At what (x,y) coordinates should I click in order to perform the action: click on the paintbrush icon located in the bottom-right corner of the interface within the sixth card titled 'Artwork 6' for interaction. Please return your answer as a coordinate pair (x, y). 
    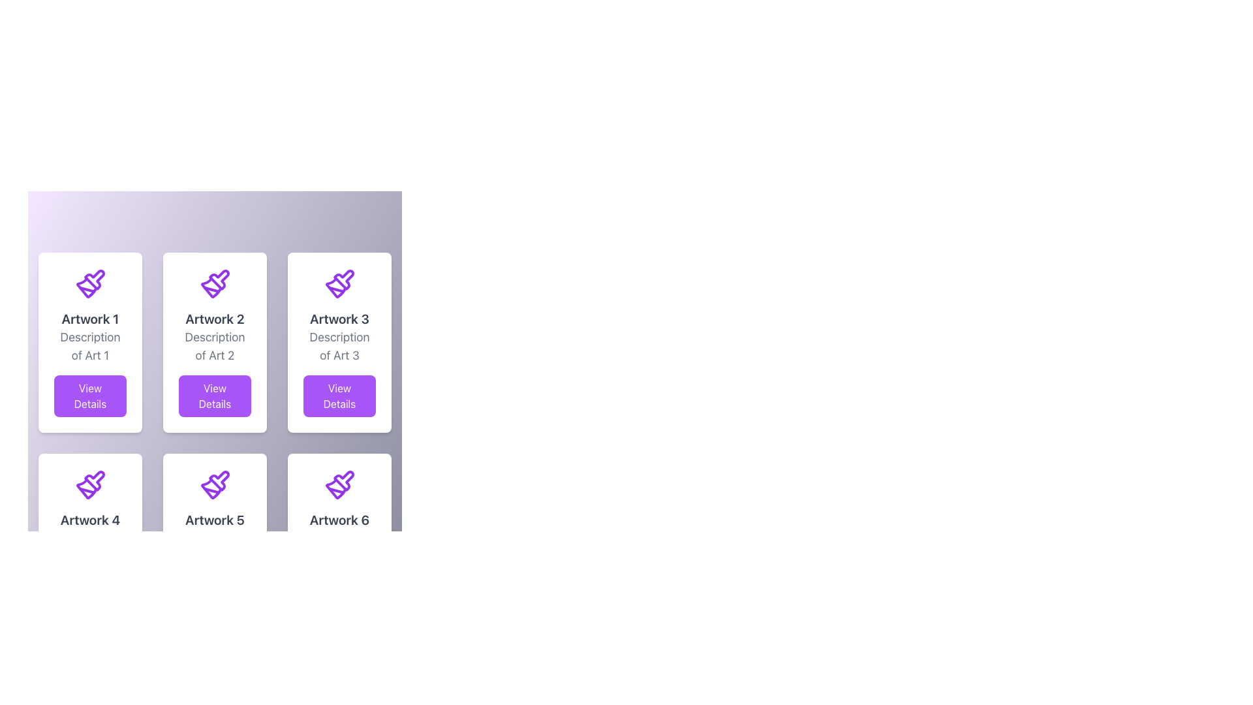
    Looking at the image, I should click on (335, 488).